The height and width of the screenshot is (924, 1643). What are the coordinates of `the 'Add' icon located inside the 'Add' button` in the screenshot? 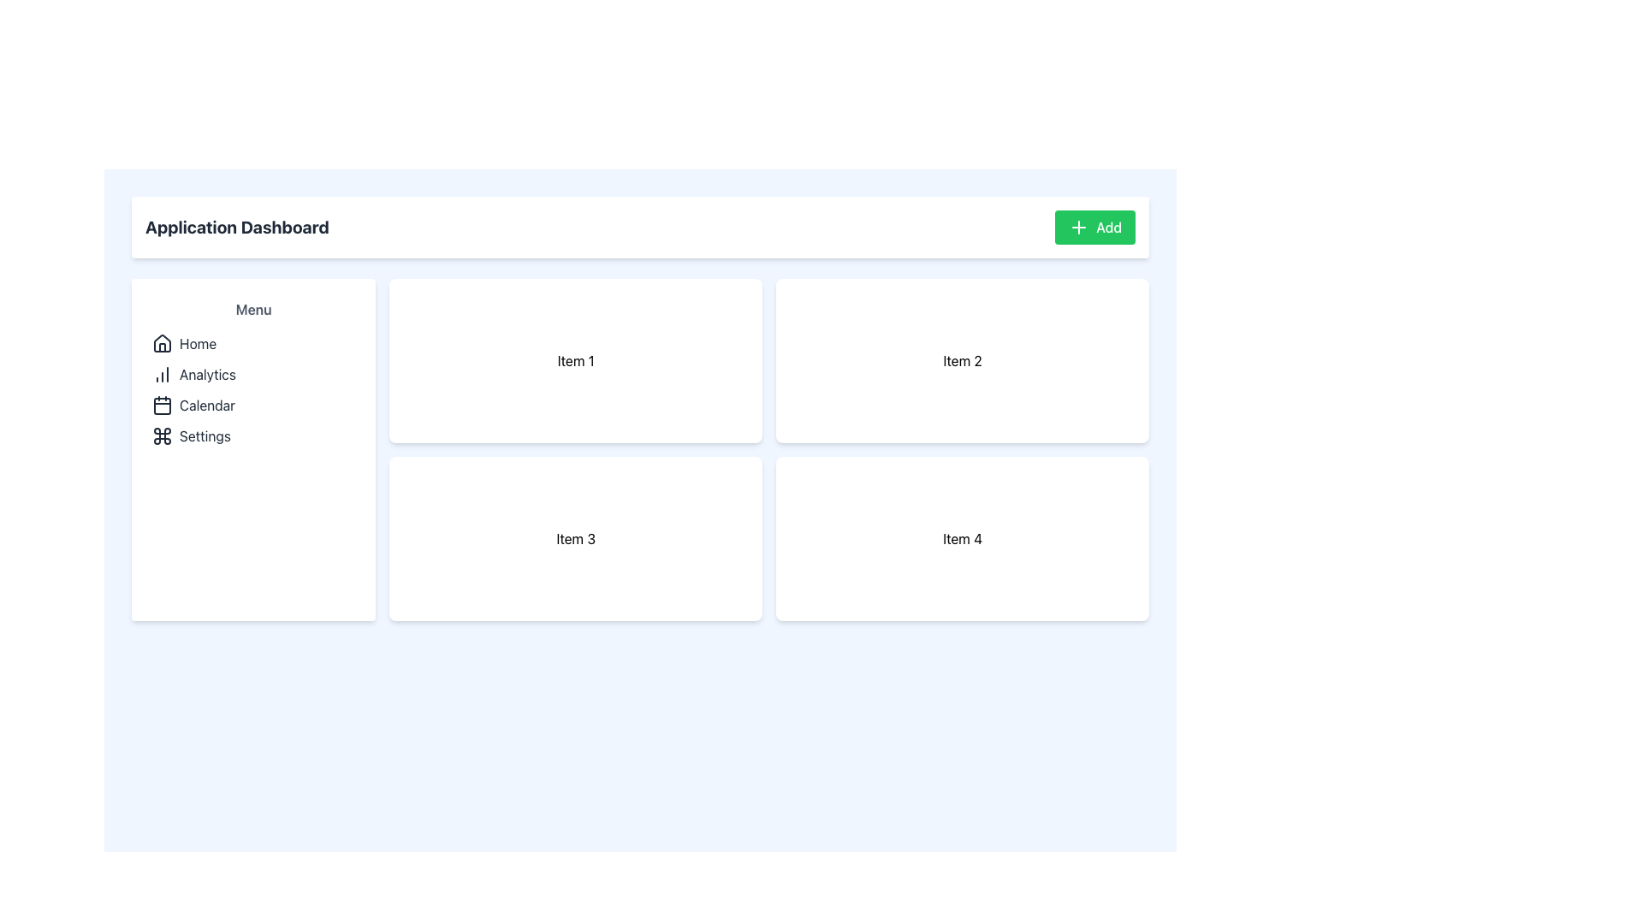 It's located at (1078, 227).